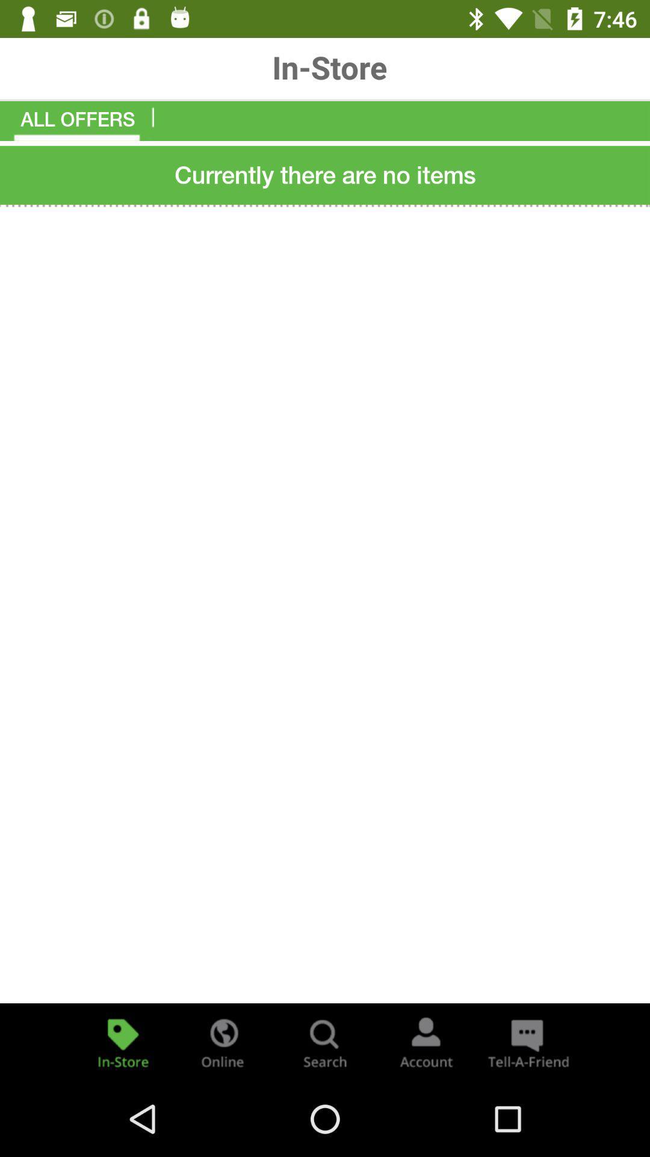  Describe the element at coordinates (426, 1041) in the screenshot. I see `the avatar icon` at that location.